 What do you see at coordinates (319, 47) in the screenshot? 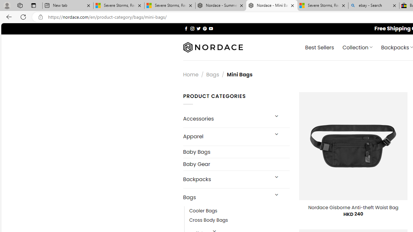
I see `' Best Sellers'` at bounding box center [319, 47].